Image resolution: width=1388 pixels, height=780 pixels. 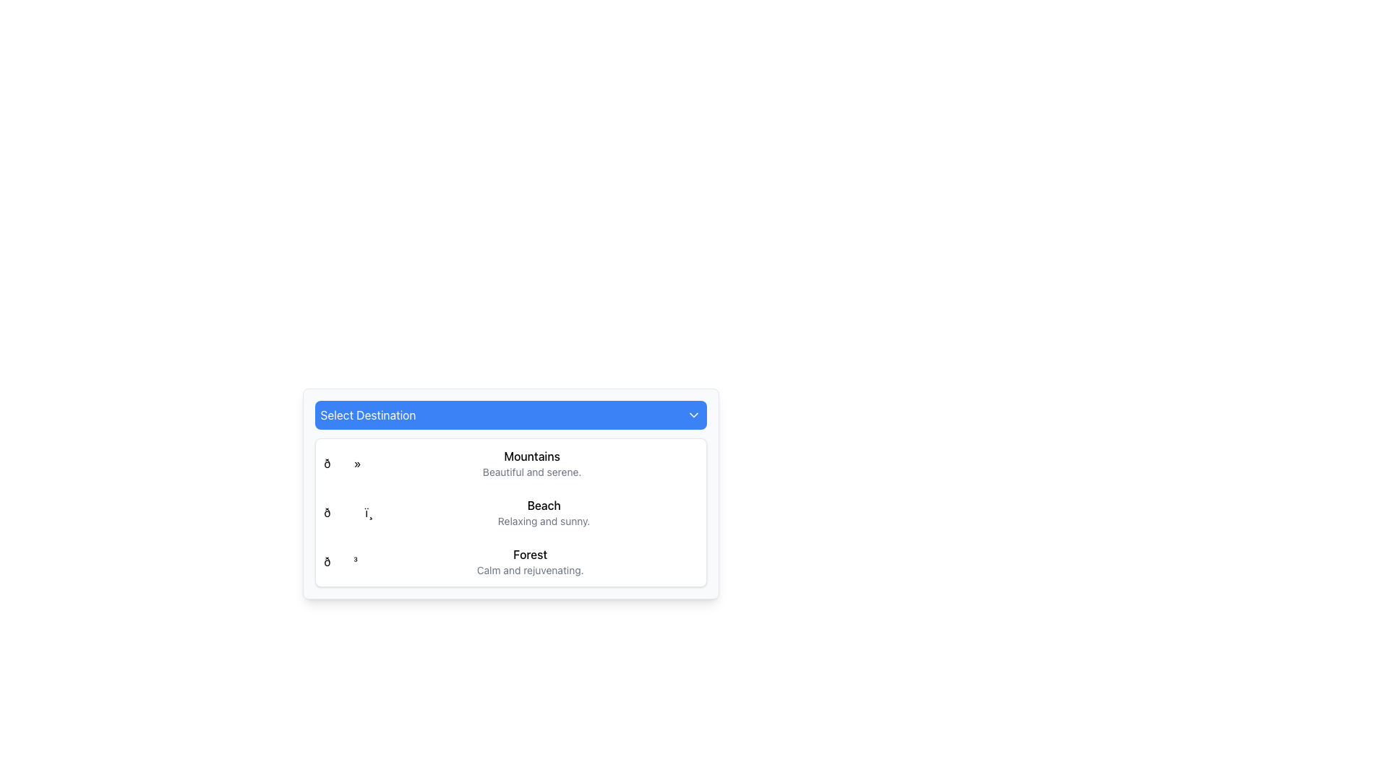 What do you see at coordinates (531, 463) in the screenshot?
I see `the text block that serves as the title and description for the 'Mountains' option in the dropdown menu, located to the right of an icon` at bounding box center [531, 463].